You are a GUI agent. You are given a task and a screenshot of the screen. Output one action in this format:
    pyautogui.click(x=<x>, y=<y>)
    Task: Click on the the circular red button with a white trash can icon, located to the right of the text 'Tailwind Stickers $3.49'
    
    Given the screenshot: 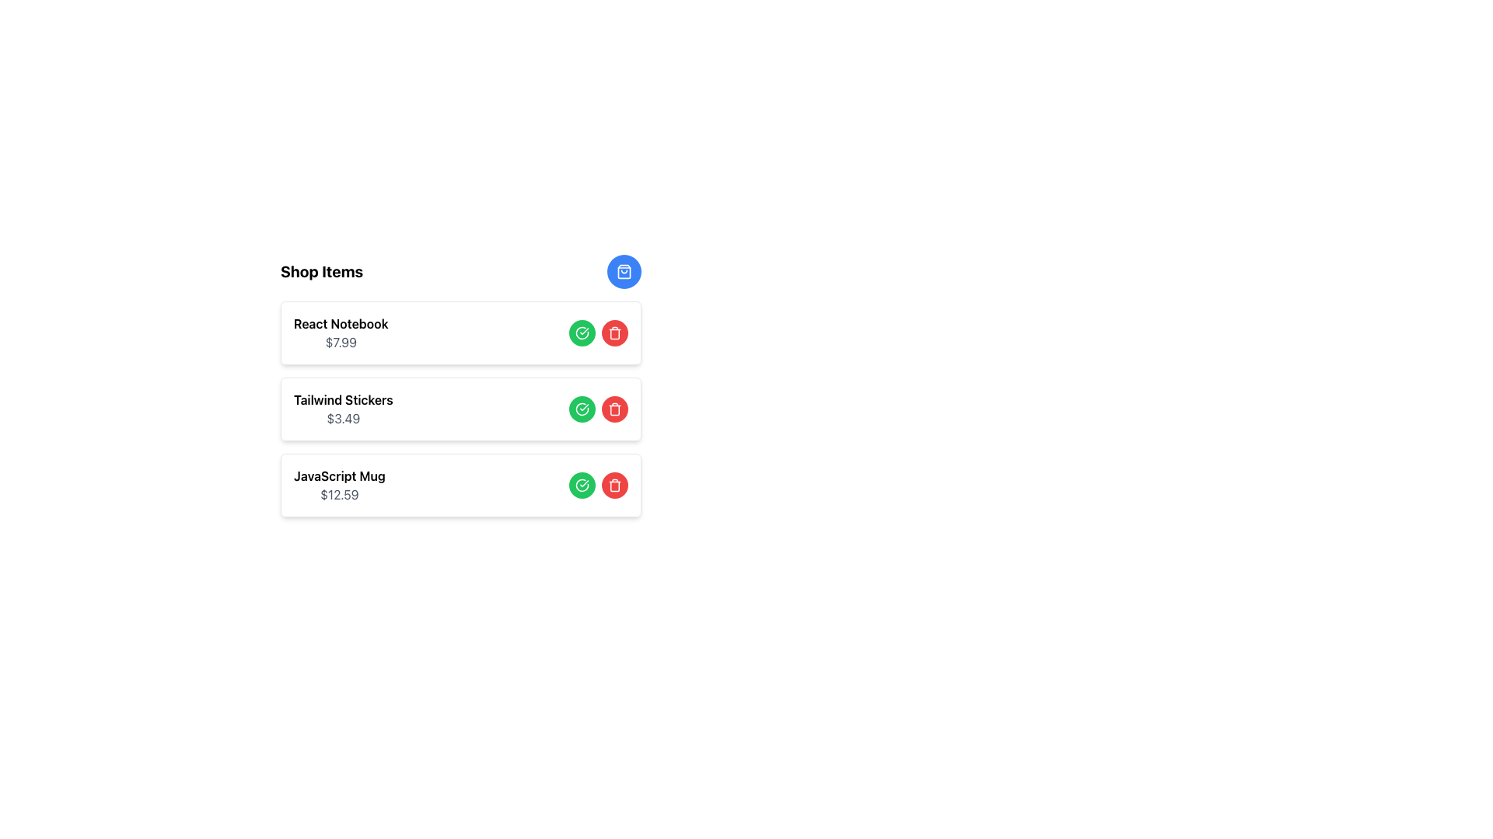 What is the action you would take?
    pyautogui.click(x=614, y=409)
    